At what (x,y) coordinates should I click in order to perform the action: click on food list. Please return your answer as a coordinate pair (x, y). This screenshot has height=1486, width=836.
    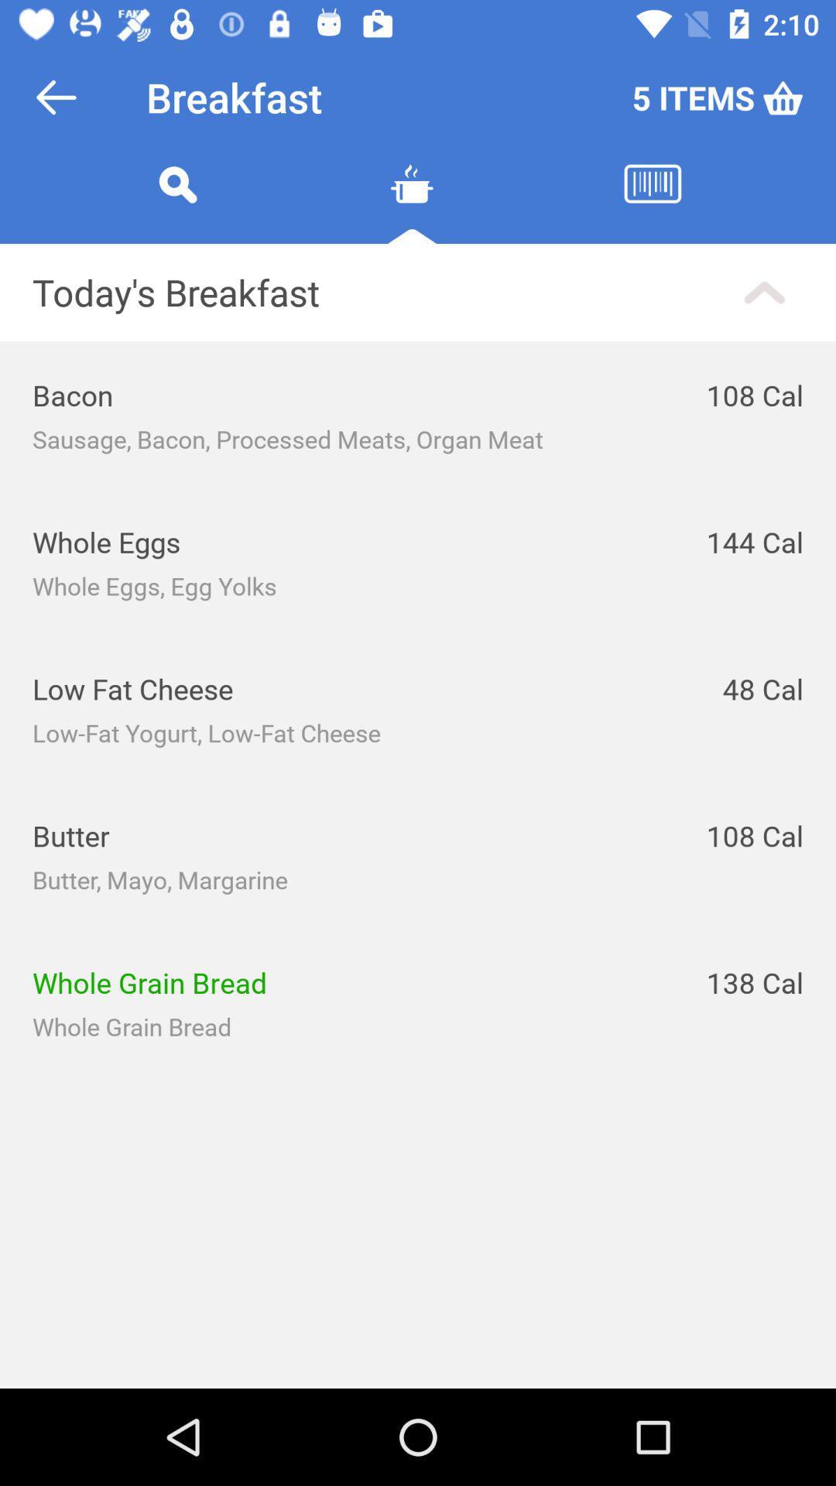
    Looking at the image, I should click on (411, 202).